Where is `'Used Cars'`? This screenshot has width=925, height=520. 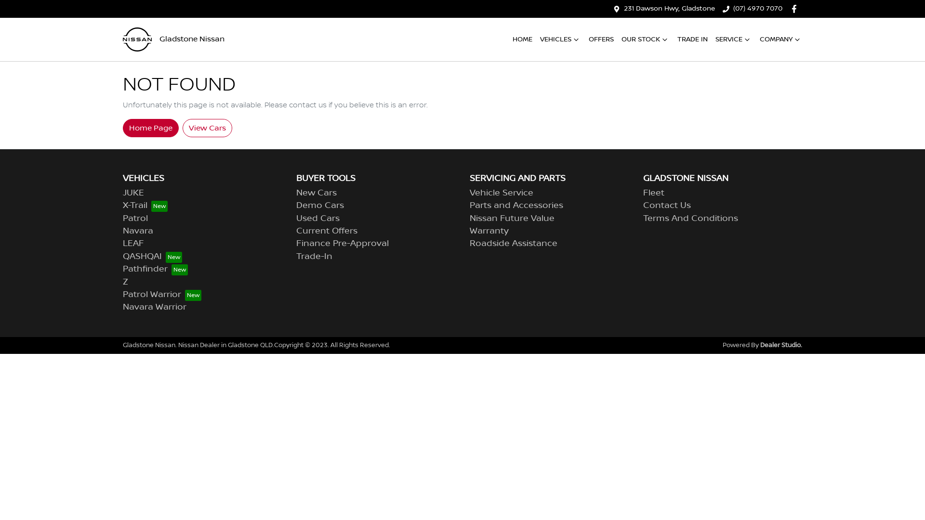
'Used Cars' is located at coordinates (318, 219).